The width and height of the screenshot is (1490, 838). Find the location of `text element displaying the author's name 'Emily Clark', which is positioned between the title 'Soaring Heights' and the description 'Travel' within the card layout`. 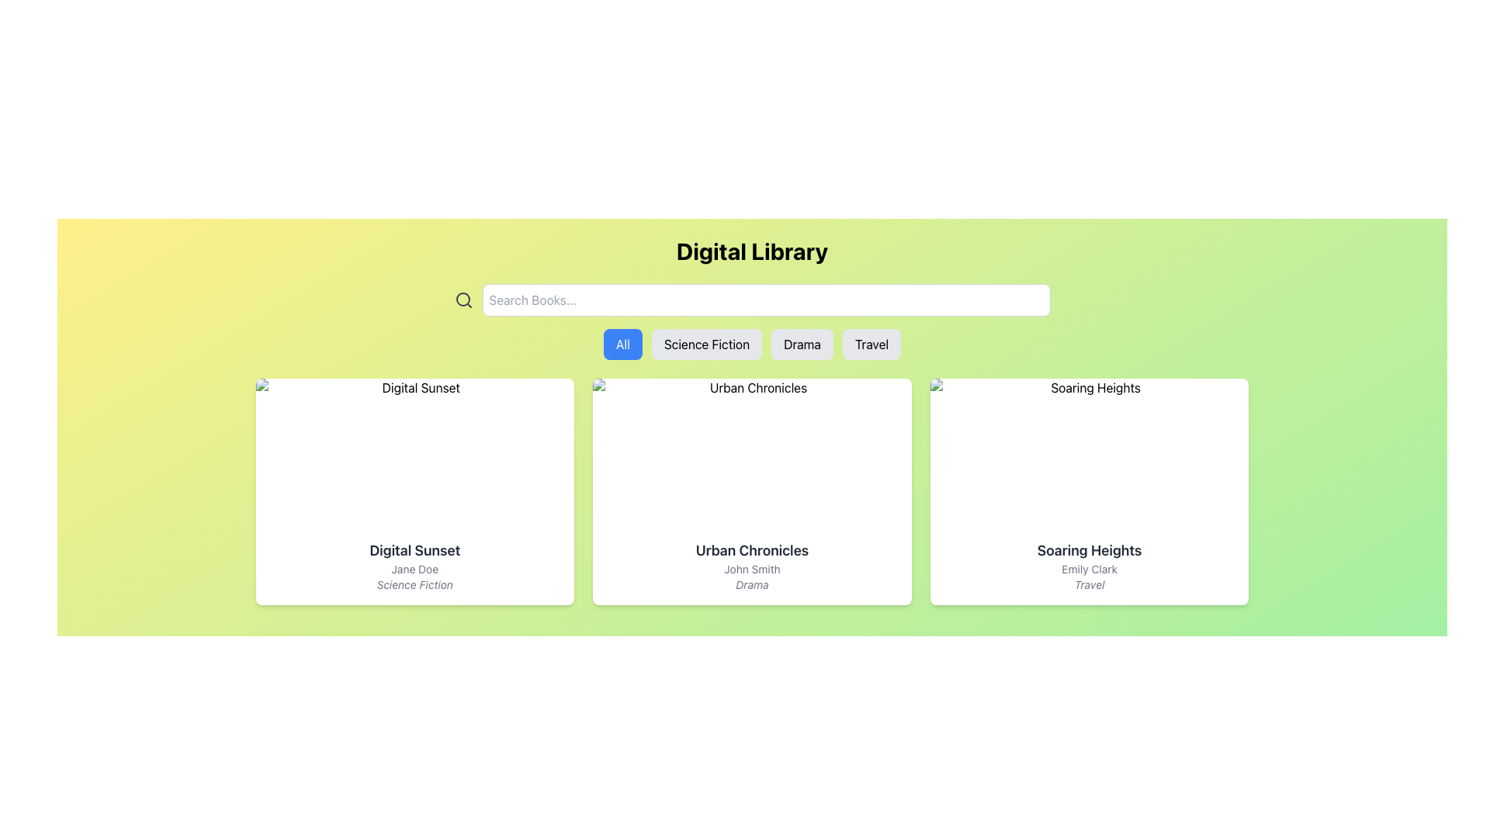

text element displaying the author's name 'Emily Clark', which is positioned between the title 'Soaring Heights' and the description 'Travel' within the card layout is located at coordinates (1089, 569).